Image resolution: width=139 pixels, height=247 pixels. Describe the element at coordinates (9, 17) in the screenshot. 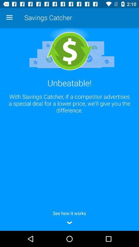

I see `item to the left of savings catcher icon` at that location.